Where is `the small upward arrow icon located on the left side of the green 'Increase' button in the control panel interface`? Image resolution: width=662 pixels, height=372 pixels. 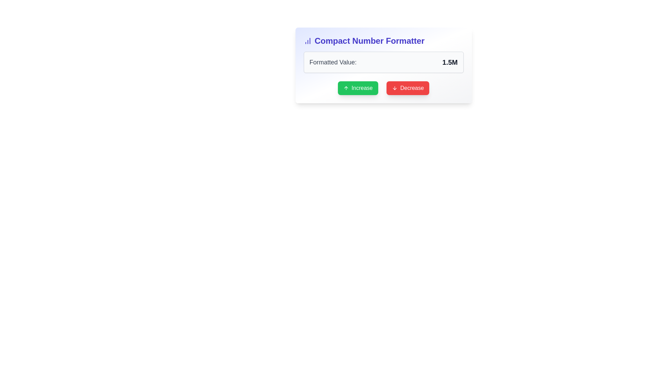
the small upward arrow icon located on the left side of the green 'Increase' button in the control panel interface is located at coordinates (346, 87).